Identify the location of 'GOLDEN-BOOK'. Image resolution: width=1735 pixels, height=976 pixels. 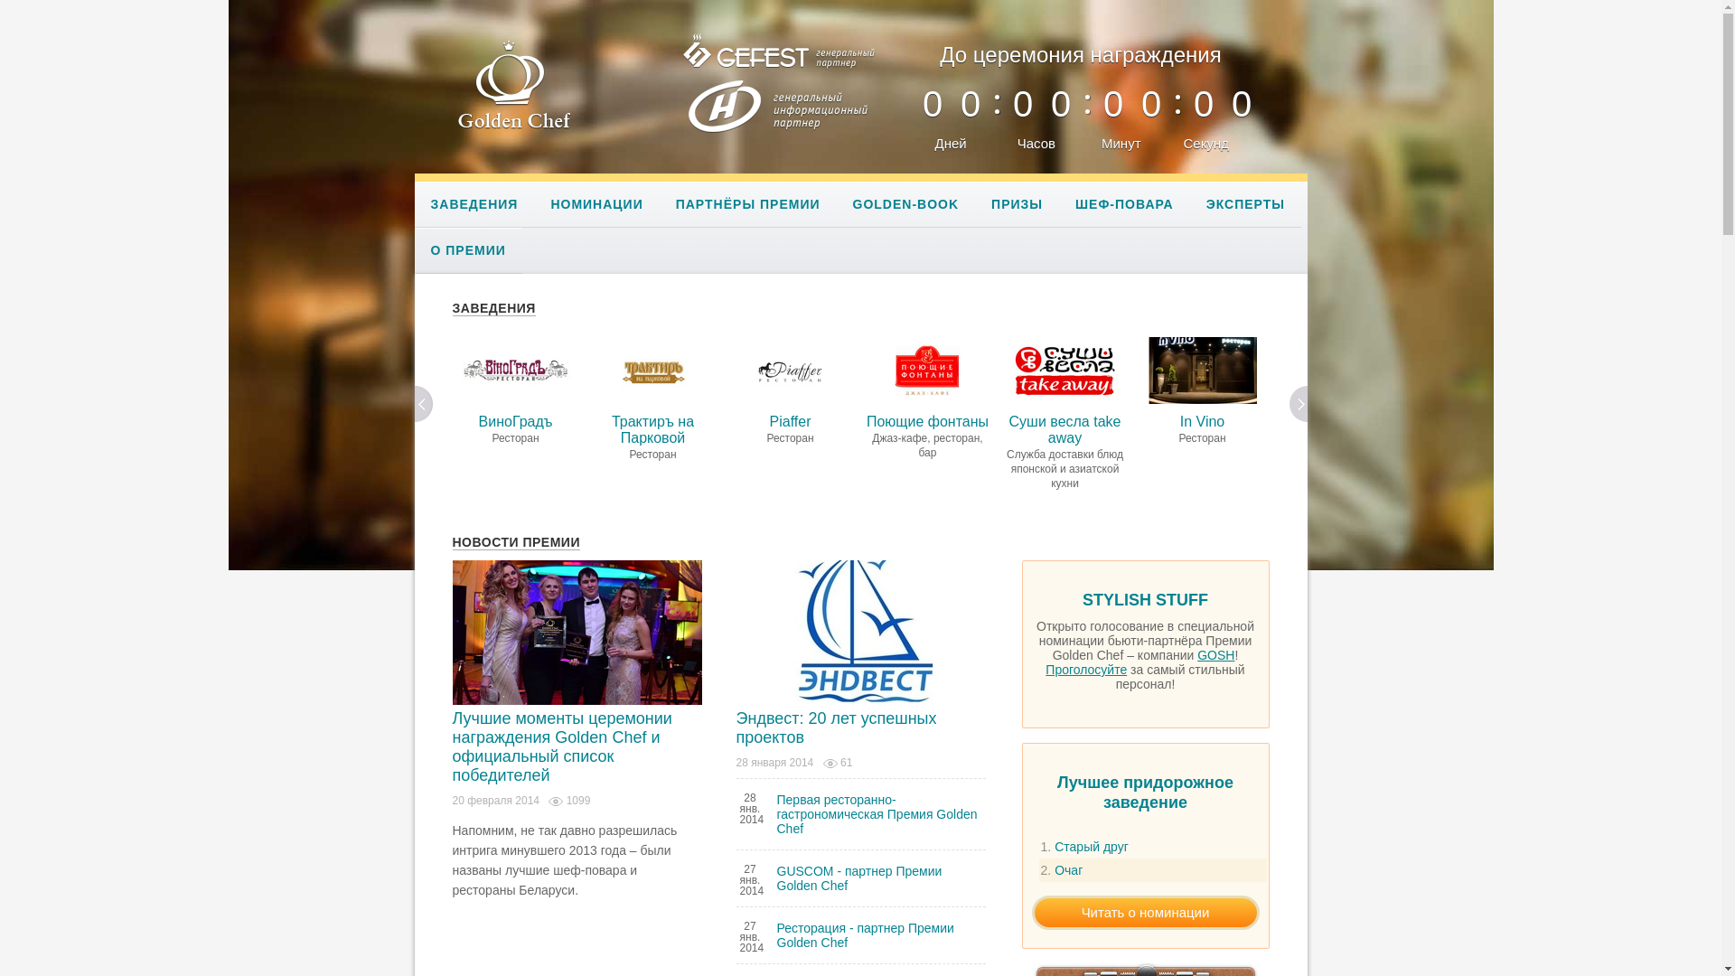
(836, 203).